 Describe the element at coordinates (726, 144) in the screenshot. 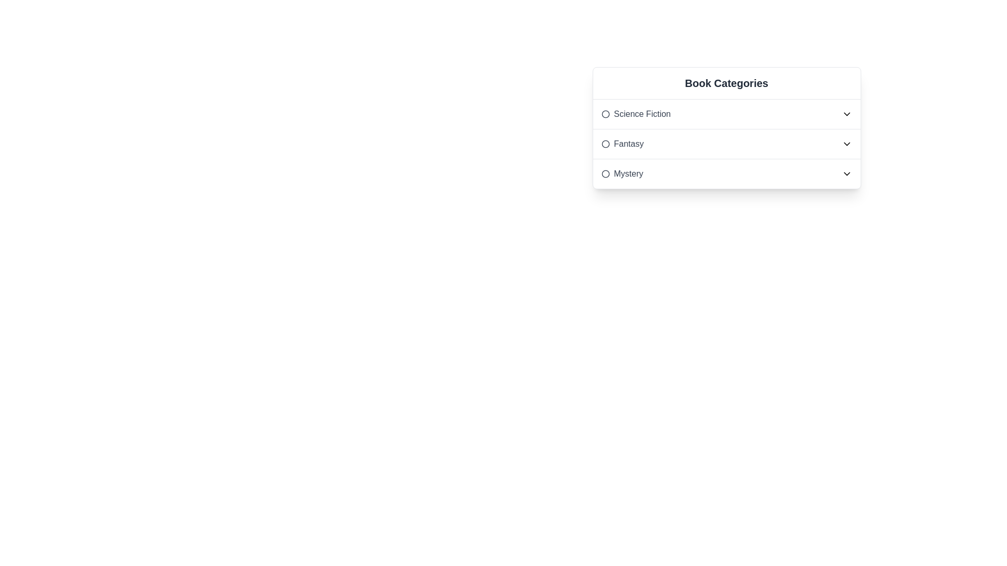

I see `the 'Fantasy' category in the dropdown list` at that location.